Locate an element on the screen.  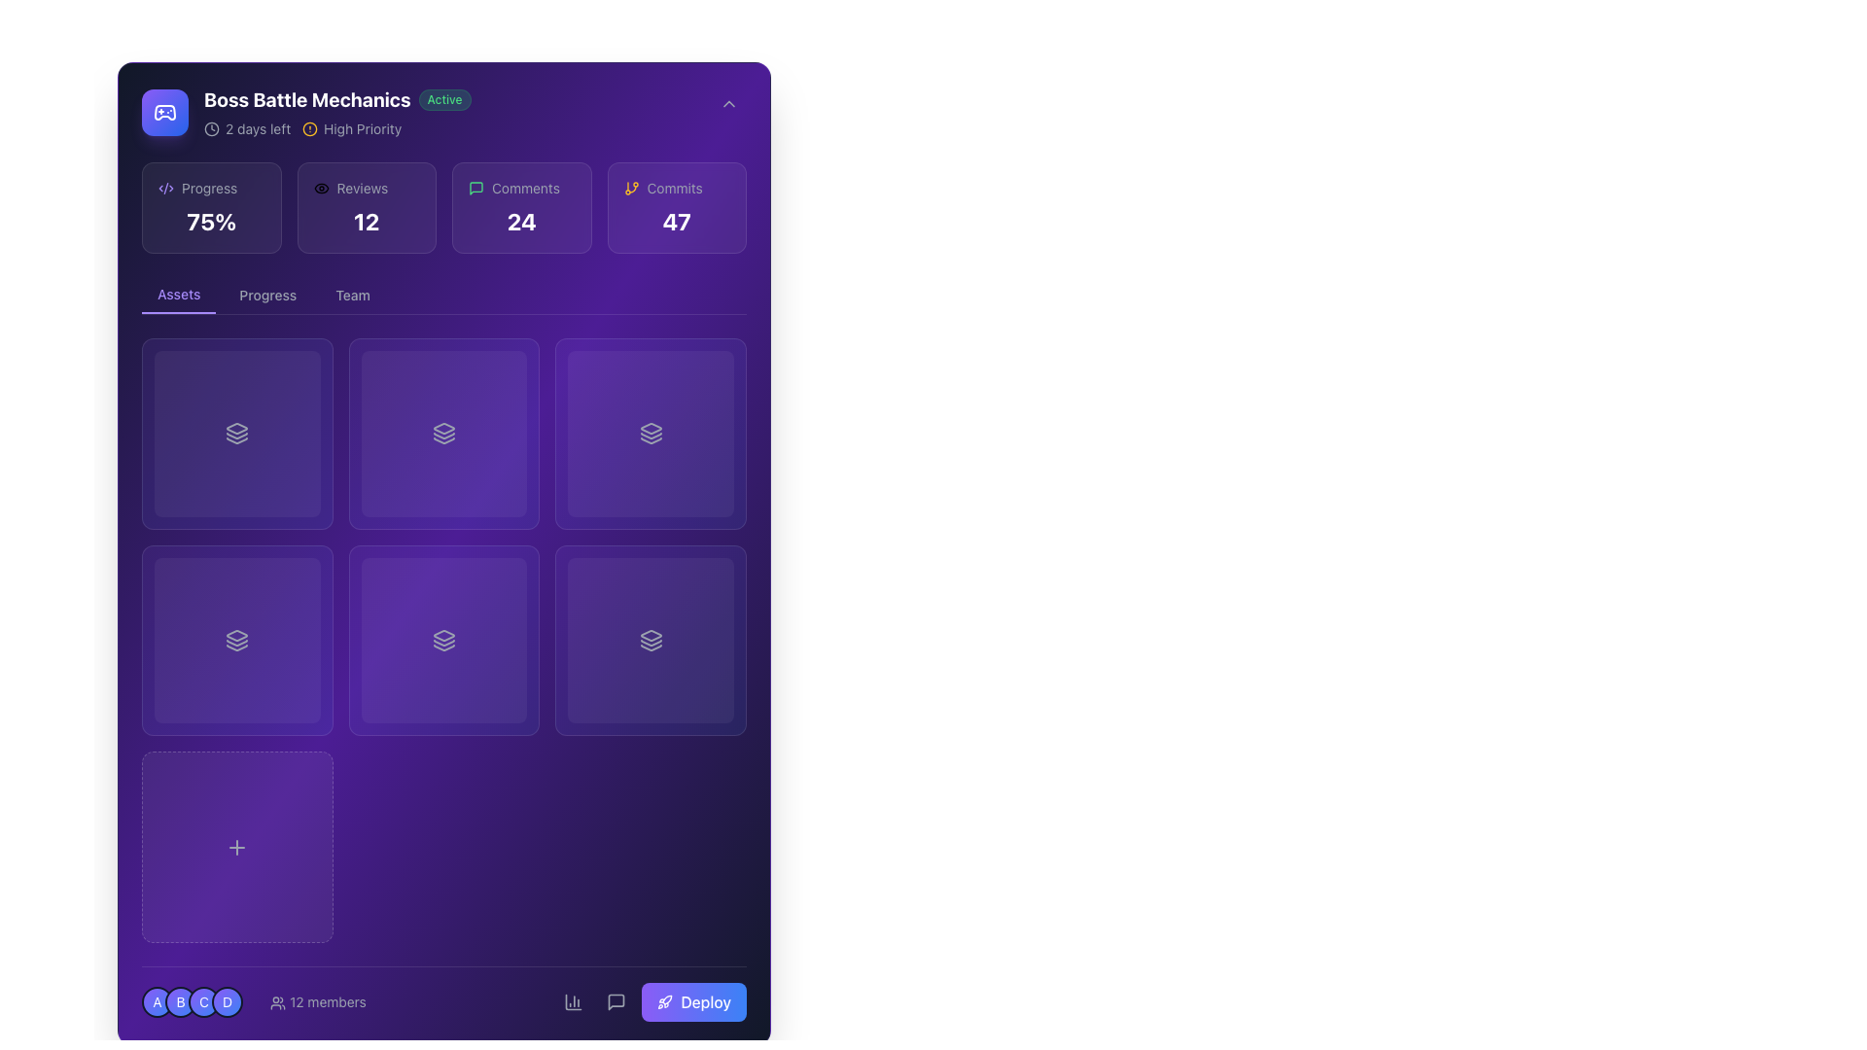
the icon representing a layered structure, located in the bottom-left quadrant of a 2x3 grid layout on a purple background is located at coordinates (236, 641).